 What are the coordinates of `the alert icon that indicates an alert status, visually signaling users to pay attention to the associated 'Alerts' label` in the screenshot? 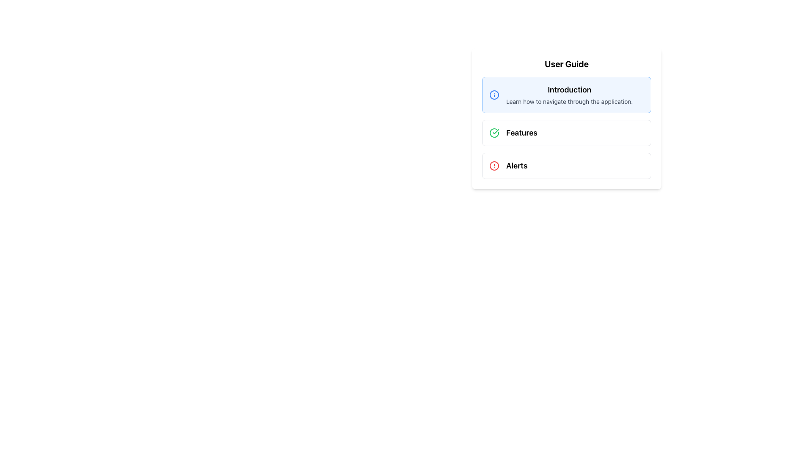 It's located at (494, 166).